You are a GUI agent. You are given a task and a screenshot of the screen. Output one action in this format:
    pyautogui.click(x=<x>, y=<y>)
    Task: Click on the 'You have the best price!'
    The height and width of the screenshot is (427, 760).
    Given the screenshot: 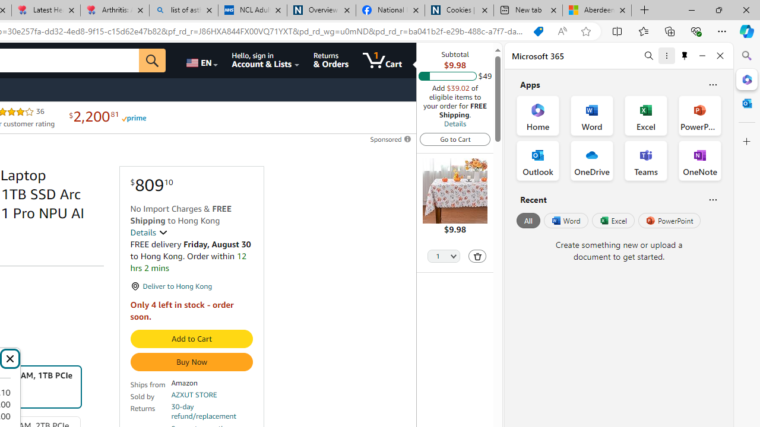 What is the action you would take?
    pyautogui.click(x=537, y=31)
    